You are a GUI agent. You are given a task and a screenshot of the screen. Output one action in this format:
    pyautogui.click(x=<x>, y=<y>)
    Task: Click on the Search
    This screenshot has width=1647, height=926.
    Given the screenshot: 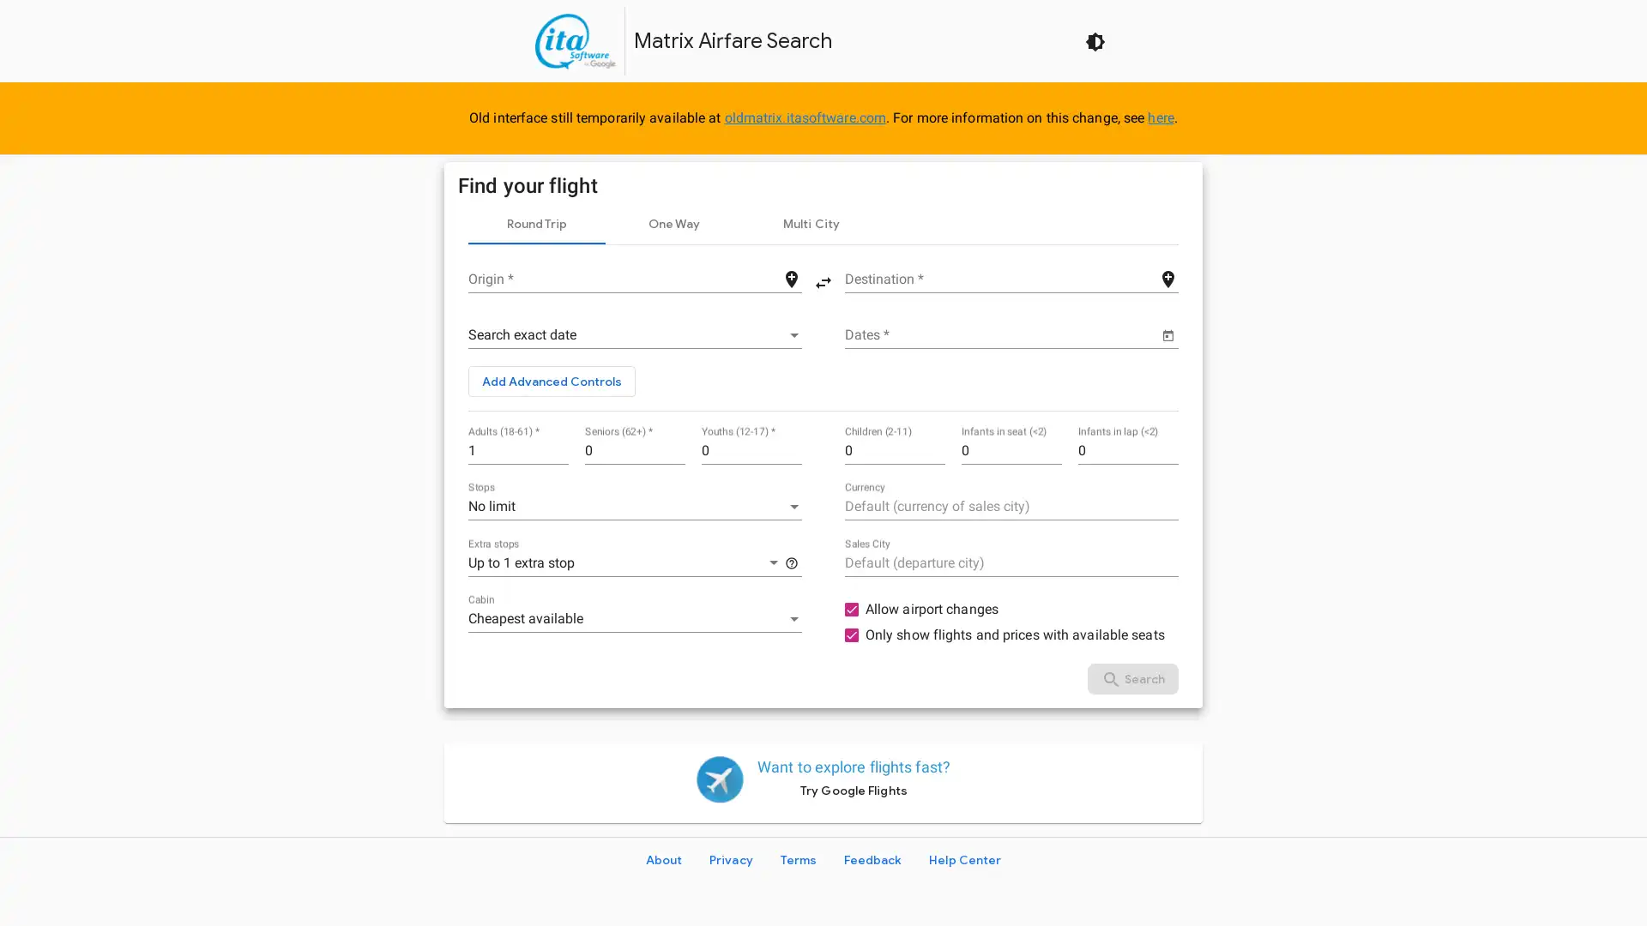 What is the action you would take?
    pyautogui.click(x=1132, y=677)
    